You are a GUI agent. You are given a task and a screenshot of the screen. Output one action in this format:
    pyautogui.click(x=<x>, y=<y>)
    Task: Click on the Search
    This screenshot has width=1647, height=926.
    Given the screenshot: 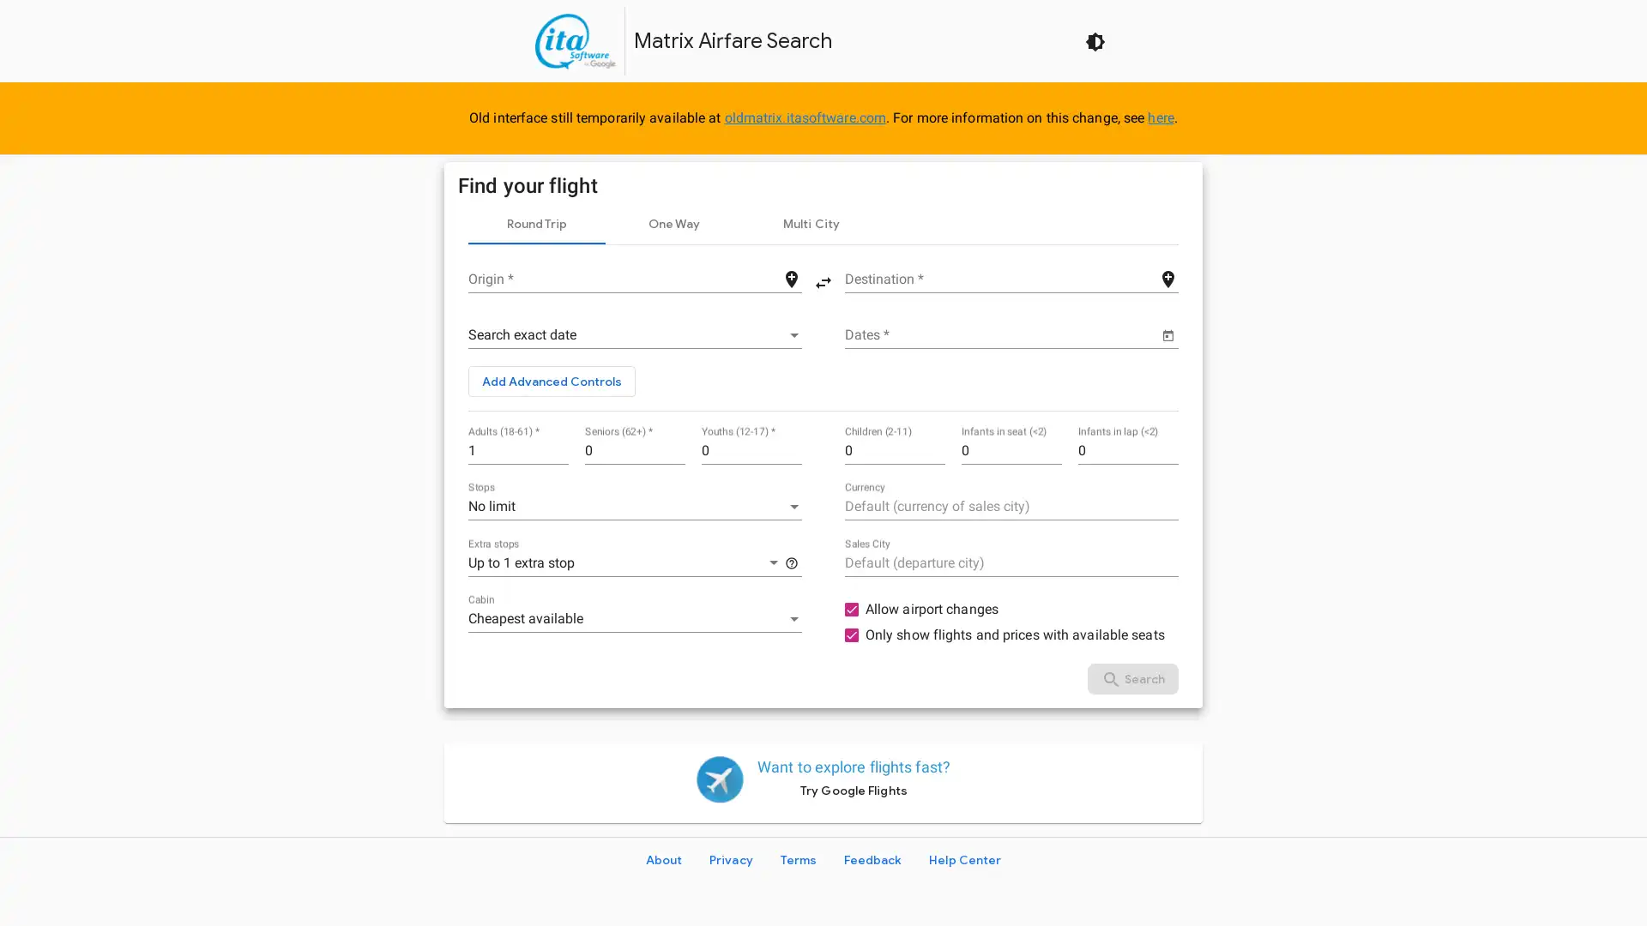 What is the action you would take?
    pyautogui.click(x=1132, y=677)
    